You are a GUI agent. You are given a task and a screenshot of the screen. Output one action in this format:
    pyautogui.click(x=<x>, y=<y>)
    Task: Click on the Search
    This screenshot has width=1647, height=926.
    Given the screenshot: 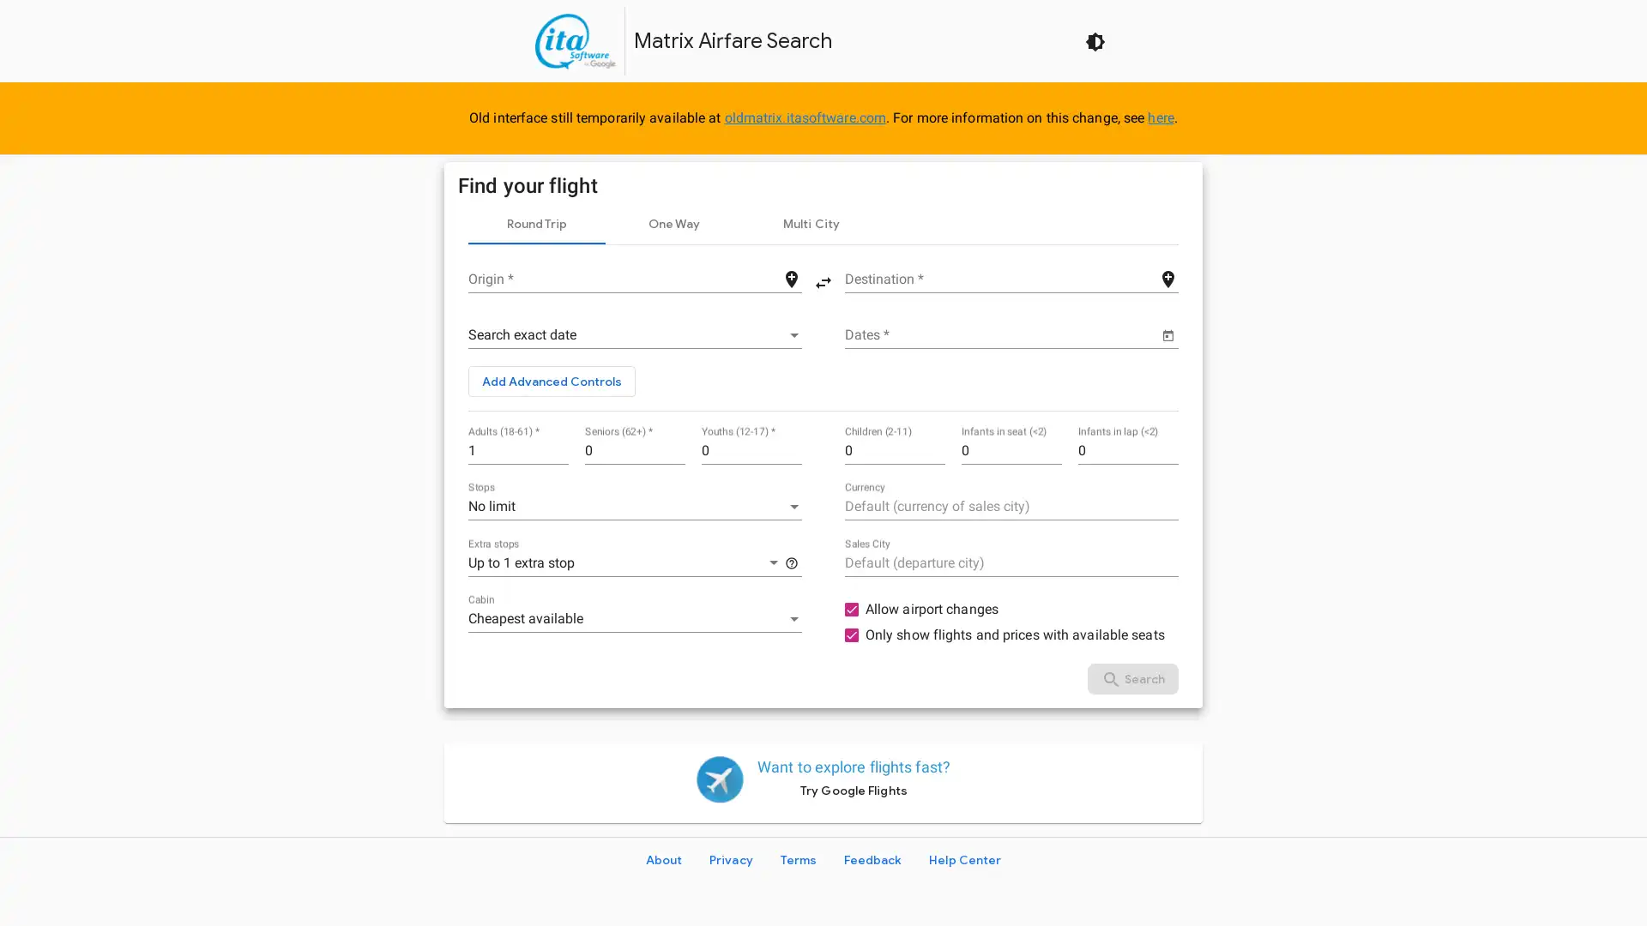 What is the action you would take?
    pyautogui.click(x=1132, y=677)
    